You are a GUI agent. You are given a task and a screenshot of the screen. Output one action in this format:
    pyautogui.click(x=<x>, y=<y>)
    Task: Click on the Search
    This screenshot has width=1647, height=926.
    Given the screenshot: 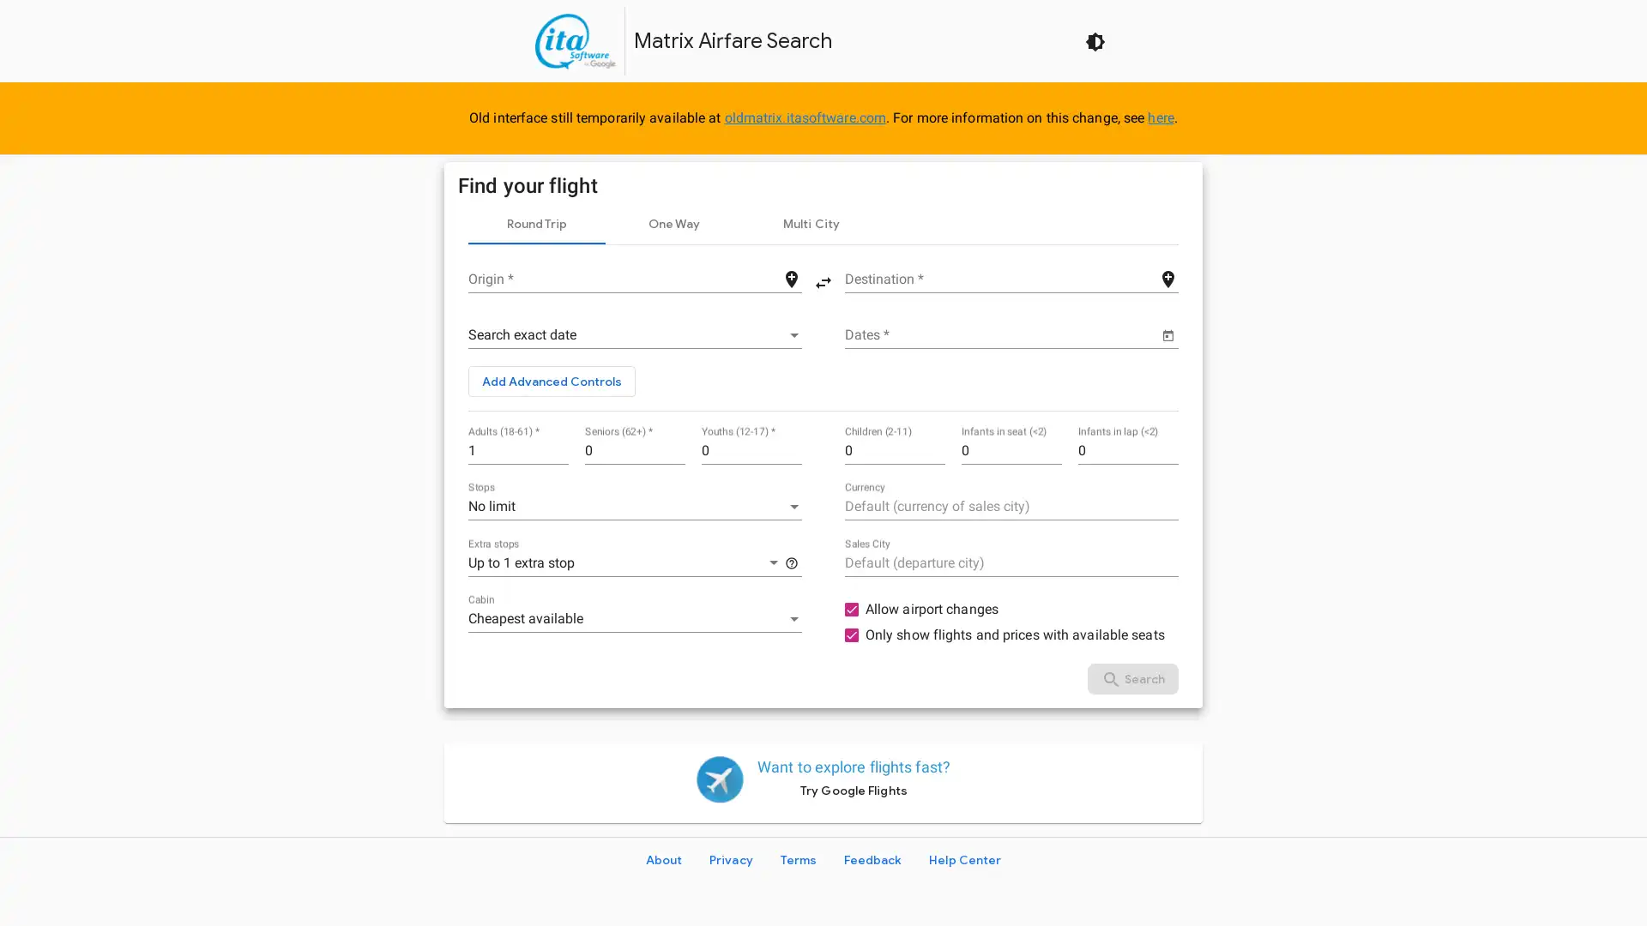 What is the action you would take?
    pyautogui.click(x=1132, y=677)
    